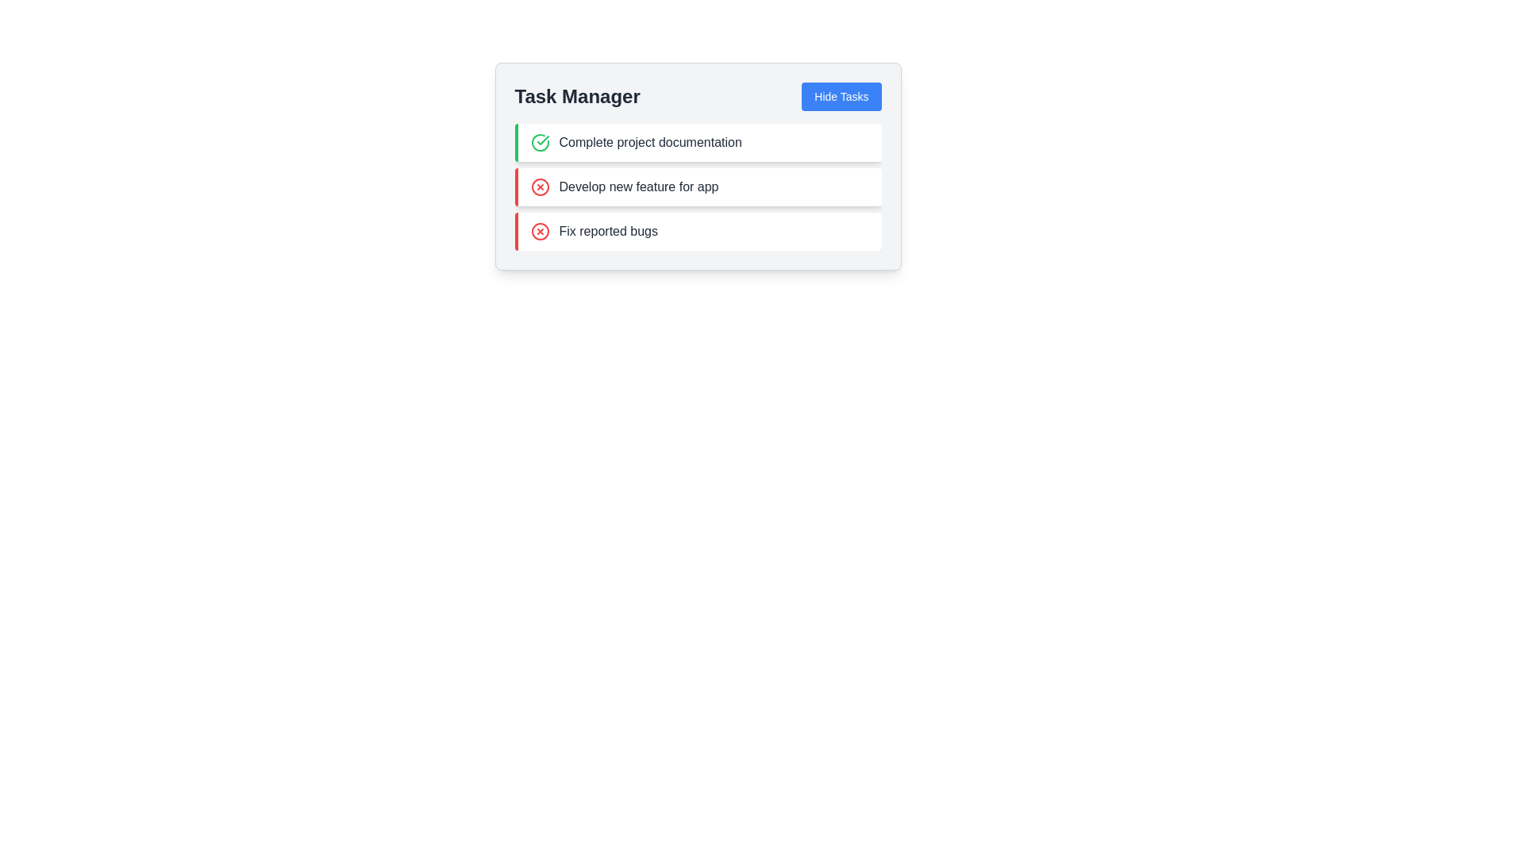 Image resolution: width=1524 pixels, height=857 pixels. I want to click on the error indicator icon located on the left side of the second list item titled 'Develop new feature for app.' to interact with it, so click(540, 186).